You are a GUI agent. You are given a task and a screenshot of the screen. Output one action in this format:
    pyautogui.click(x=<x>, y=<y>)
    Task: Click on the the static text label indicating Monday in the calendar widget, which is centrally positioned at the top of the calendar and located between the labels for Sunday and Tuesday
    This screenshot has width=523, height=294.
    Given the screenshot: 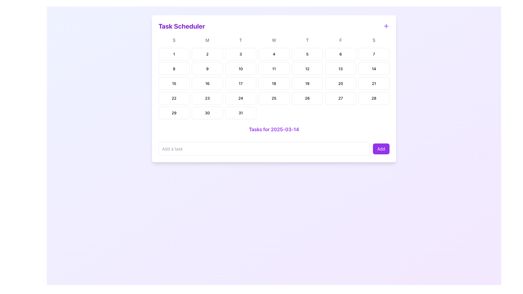 What is the action you would take?
    pyautogui.click(x=207, y=40)
    